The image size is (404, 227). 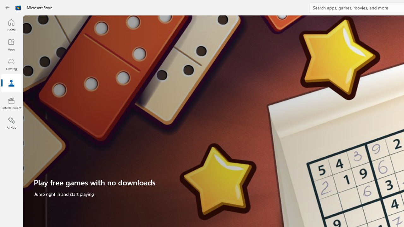 What do you see at coordinates (11, 64) in the screenshot?
I see `'Gaming'` at bounding box center [11, 64].